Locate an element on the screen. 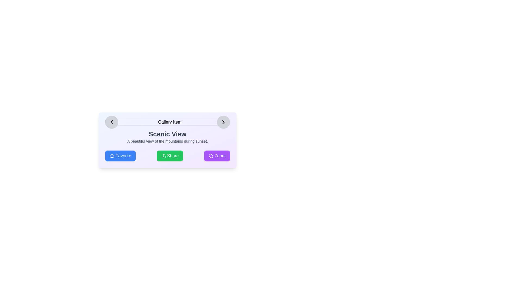  the chevron icon located in the top-right circular button of the card labeled 'Scenic View', which serves as a forward navigation control is located at coordinates (223, 122).